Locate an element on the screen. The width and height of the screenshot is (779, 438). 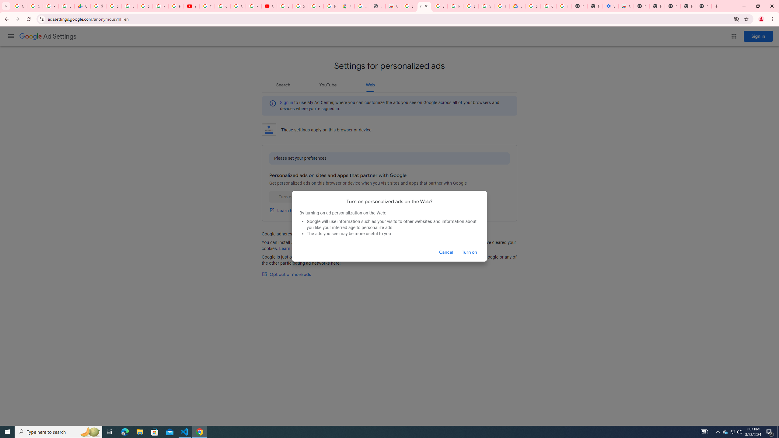
'Turn cookies on or off - Computer - Google Account Help' is located at coordinates (564, 6).